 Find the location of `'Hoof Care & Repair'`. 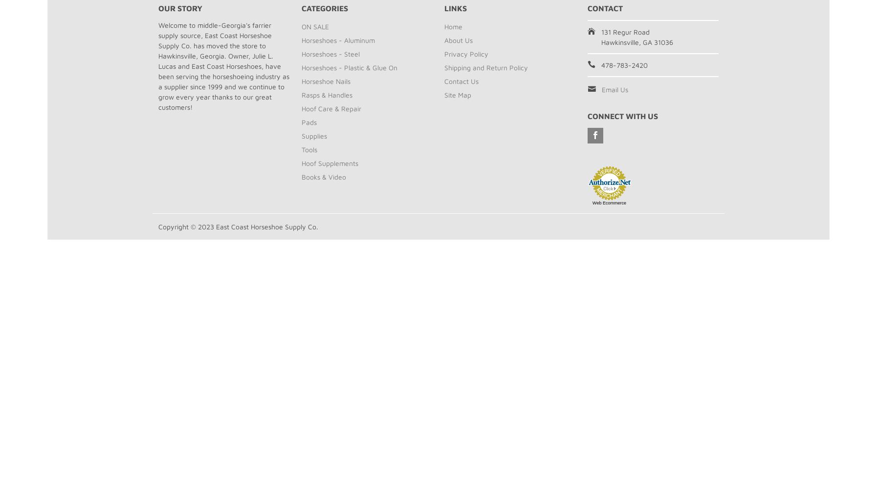

'Hoof Care & Repair' is located at coordinates (331, 107).